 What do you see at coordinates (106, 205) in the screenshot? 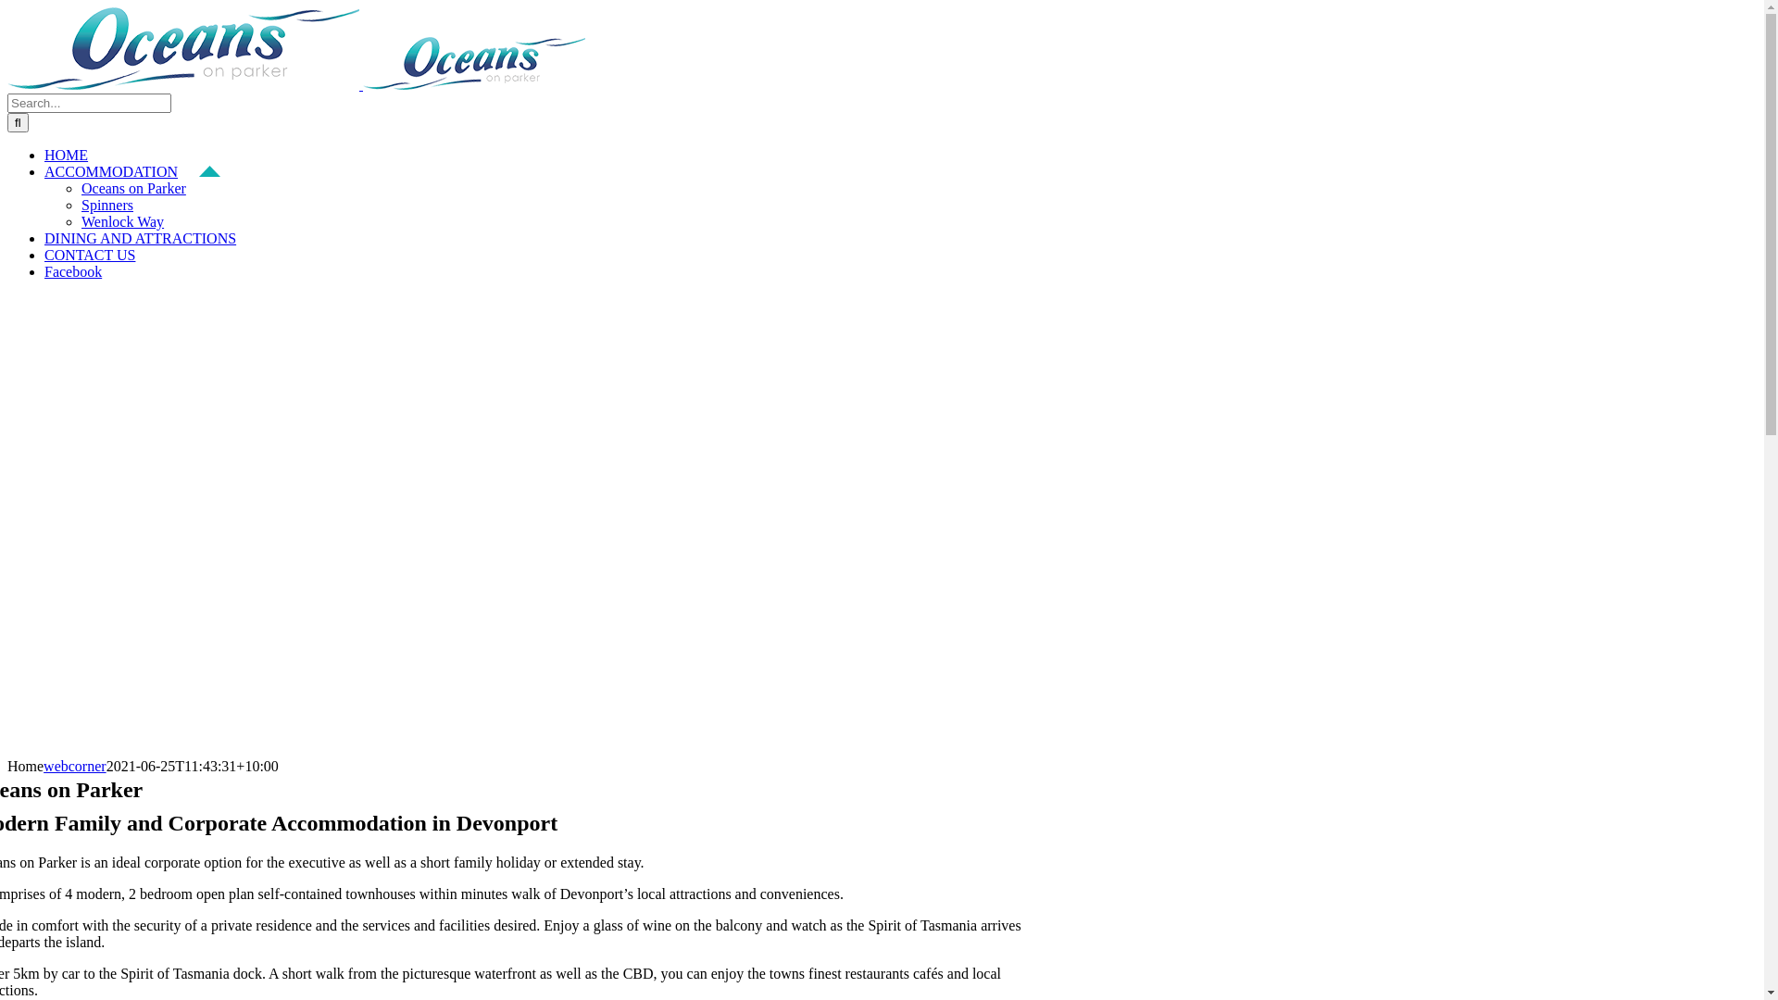
I see `'Spinners'` at bounding box center [106, 205].